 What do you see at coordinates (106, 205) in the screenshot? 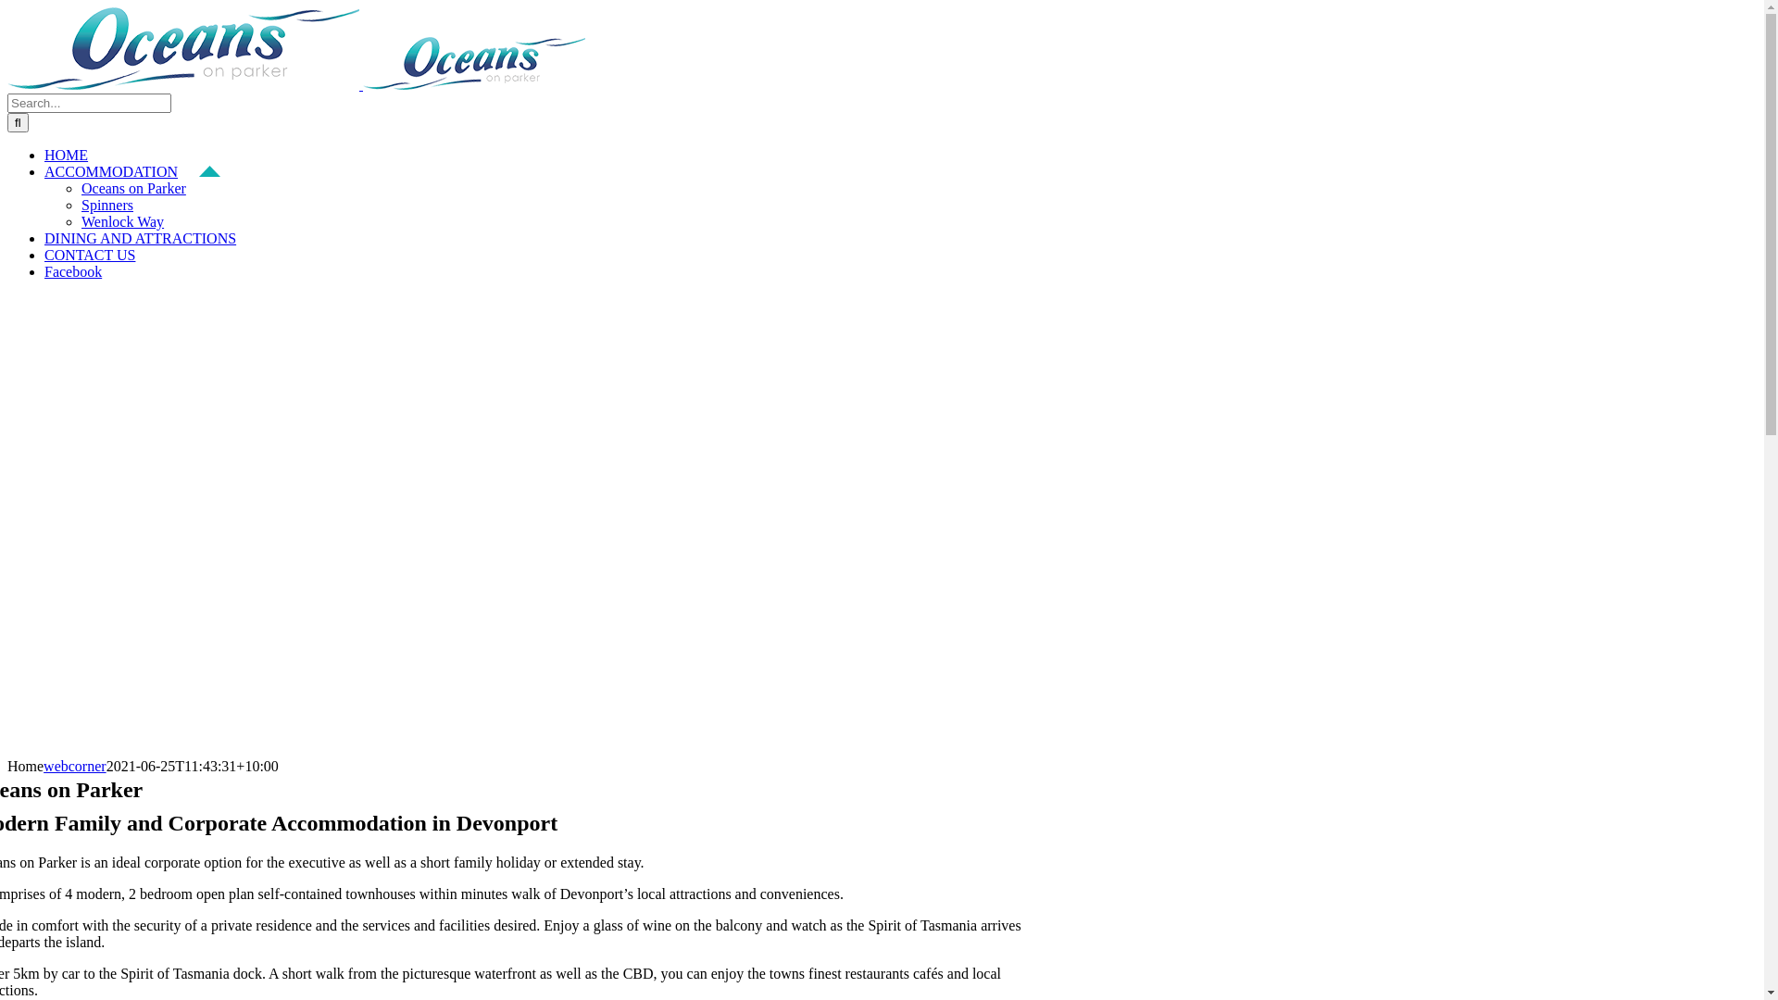
I see `'Spinners'` at bounding box center [106, 205].